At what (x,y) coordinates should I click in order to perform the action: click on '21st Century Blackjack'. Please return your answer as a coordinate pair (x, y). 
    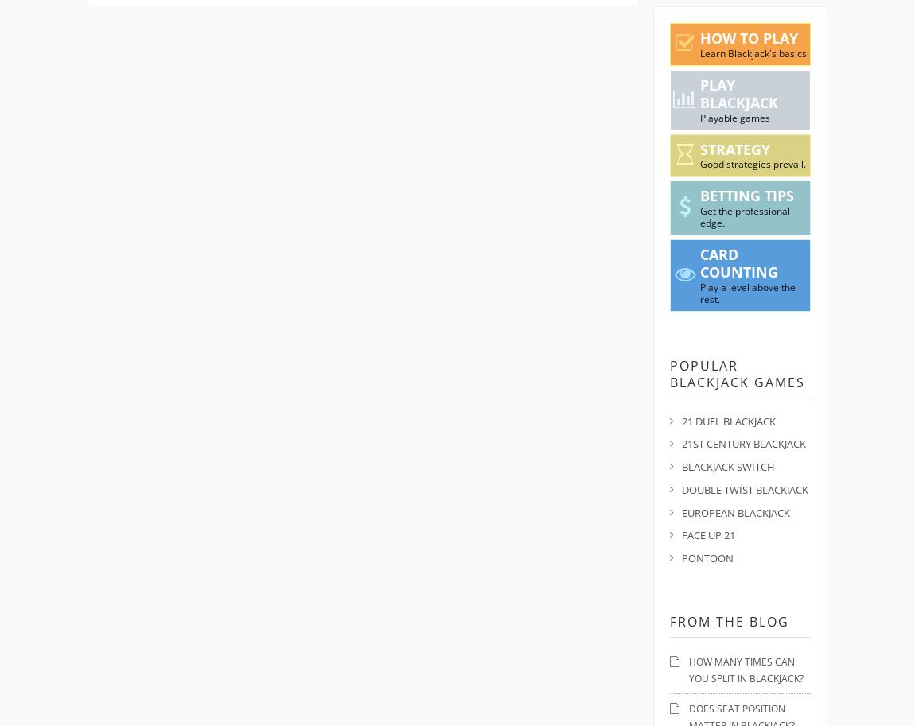
    Looking at the image, I should click on (743, 443).